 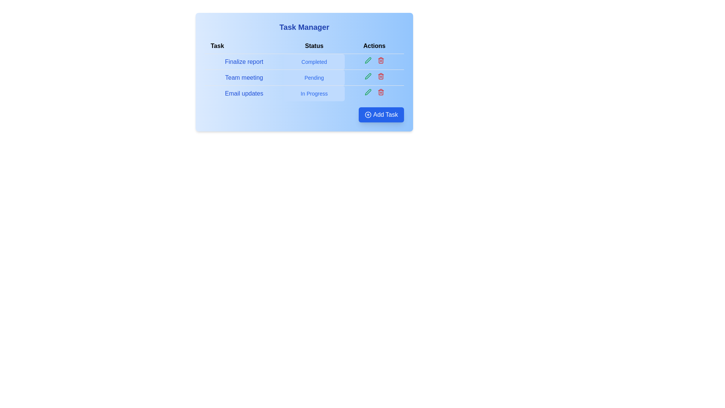 I want to click on 'Add Task' button to add a new task, so click(x=381, y=115).